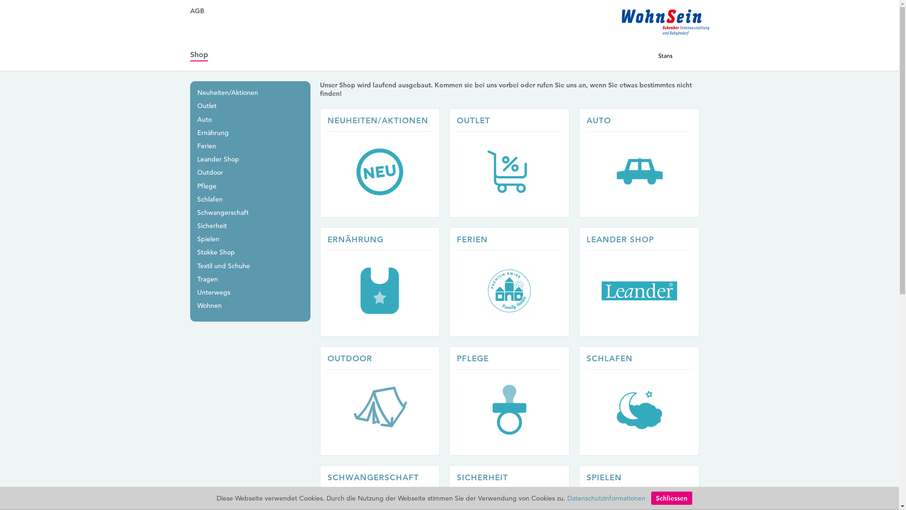  I want to click on 'PFLEGE', so click(448, 400).